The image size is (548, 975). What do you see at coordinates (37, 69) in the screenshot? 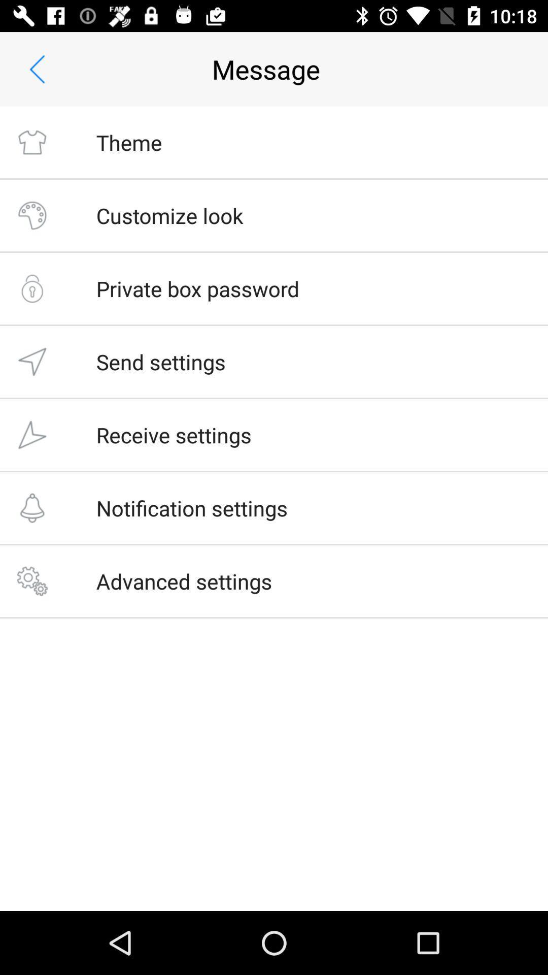
I see `the app to the left of message app` at bounding box center [37, 69].